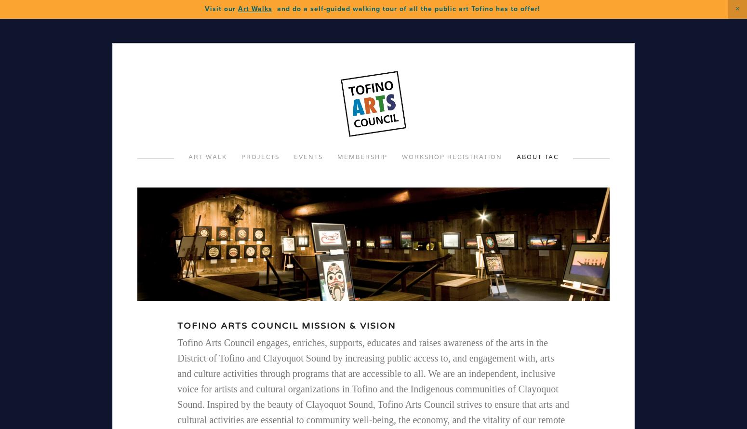 The width and height of the screenshot is (747, 429). I want to click on 'Visit our', so click(204, 9).